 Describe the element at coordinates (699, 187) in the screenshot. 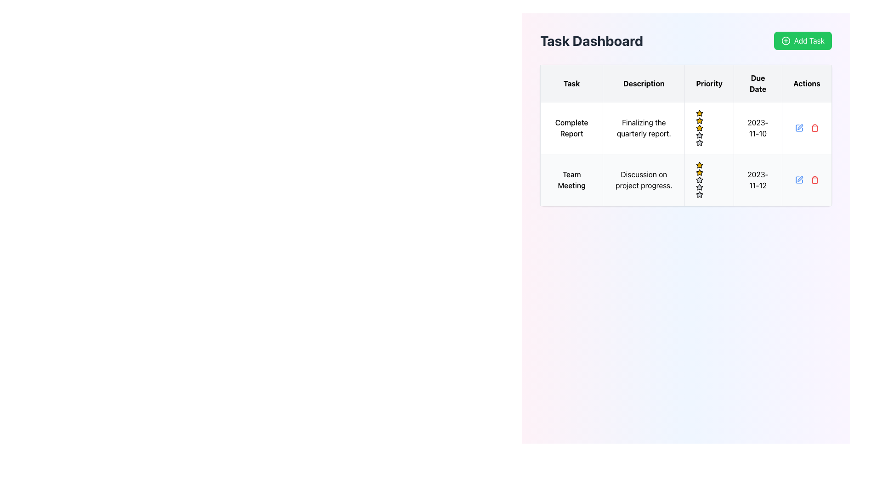

I see `the sixth star icon in the 'Priority' column of the 'Team Meeting' row in the 'Task Dashboard', which is a non-interactive visual indicator for task priority` at that location.